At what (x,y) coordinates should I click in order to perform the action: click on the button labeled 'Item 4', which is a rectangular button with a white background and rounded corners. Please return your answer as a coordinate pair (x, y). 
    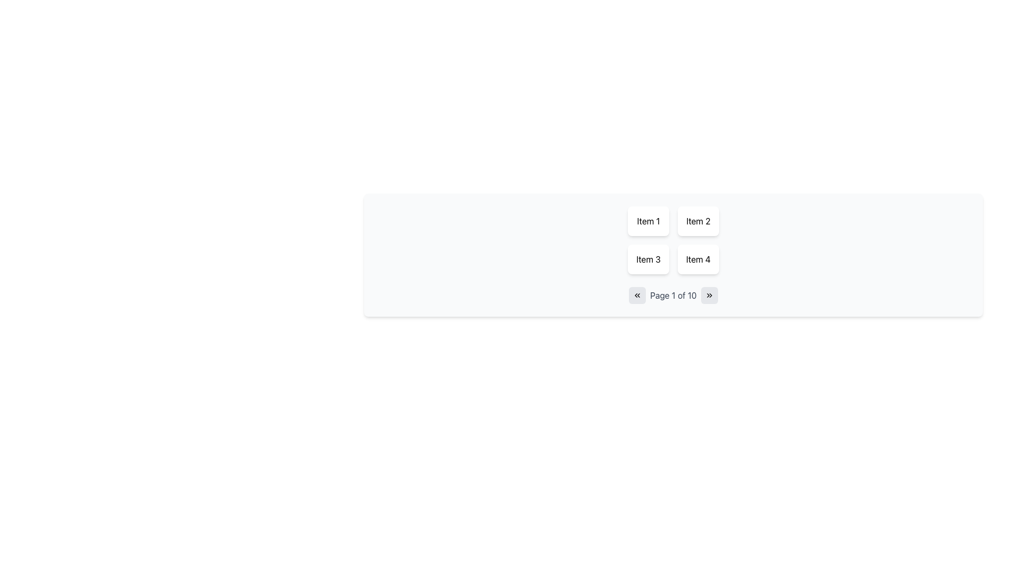
    Looking at the image, I should click on (698, 259).